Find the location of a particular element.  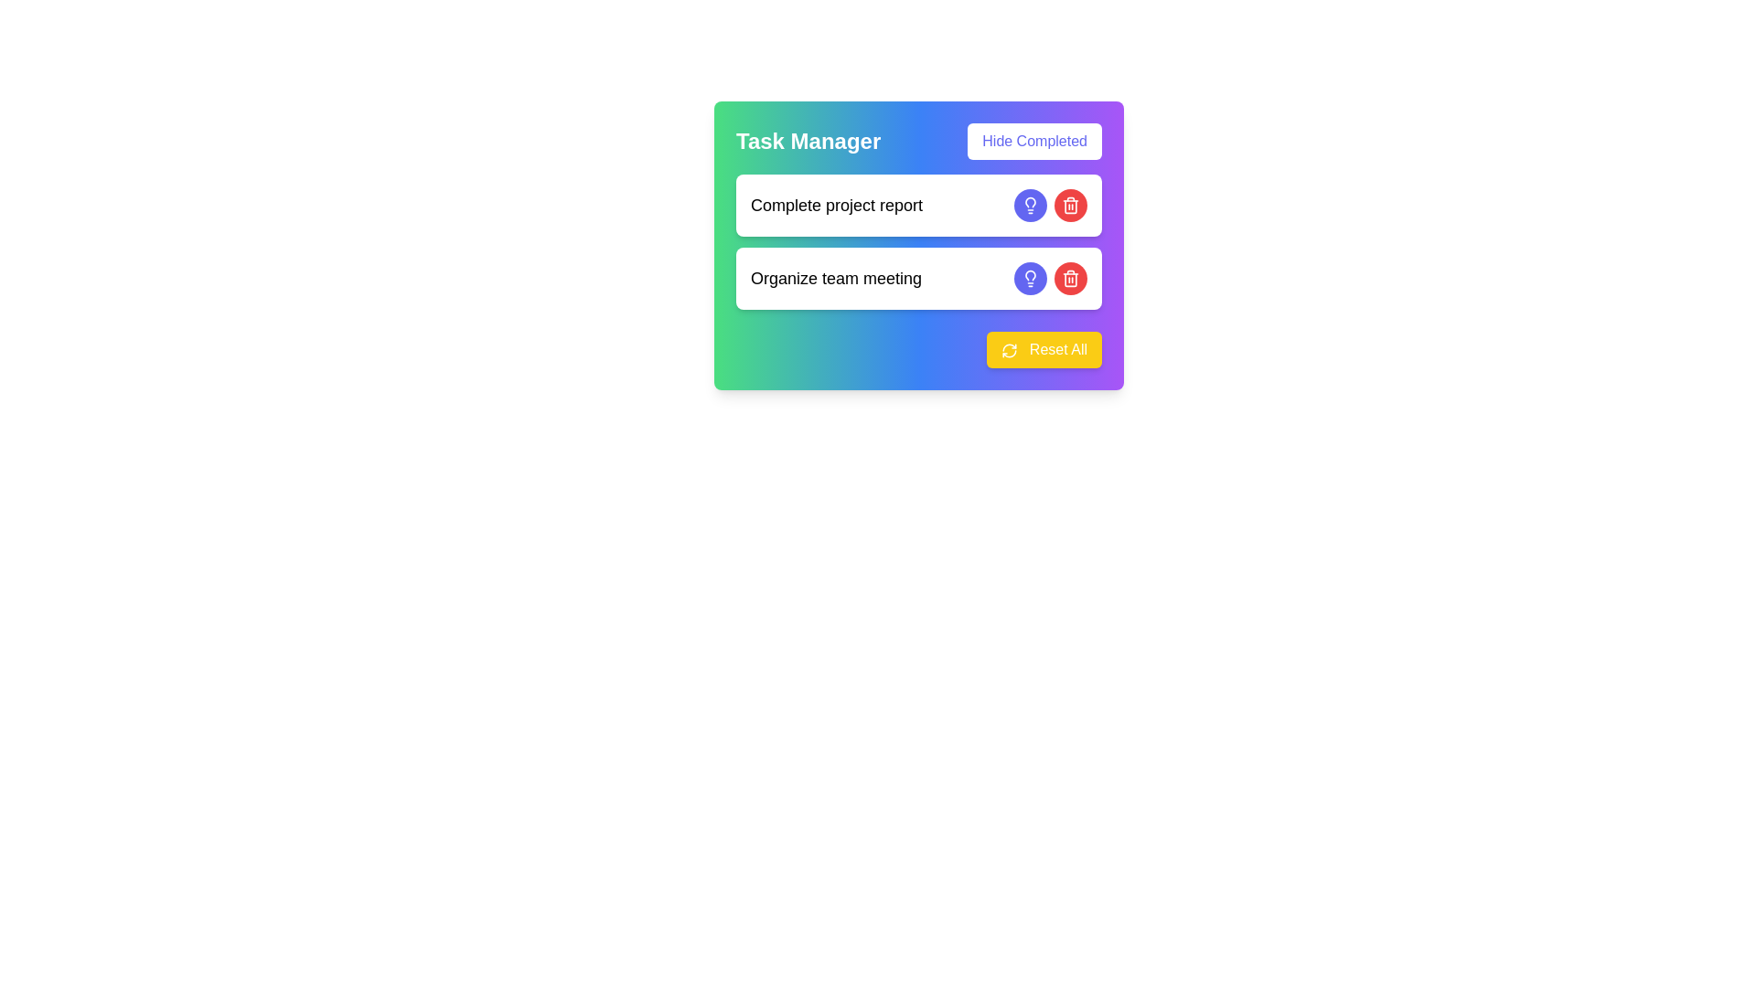

the circular purple button with a white lightbulb icon, located to the left of the red circular button is located at coordinates (1031, 205).